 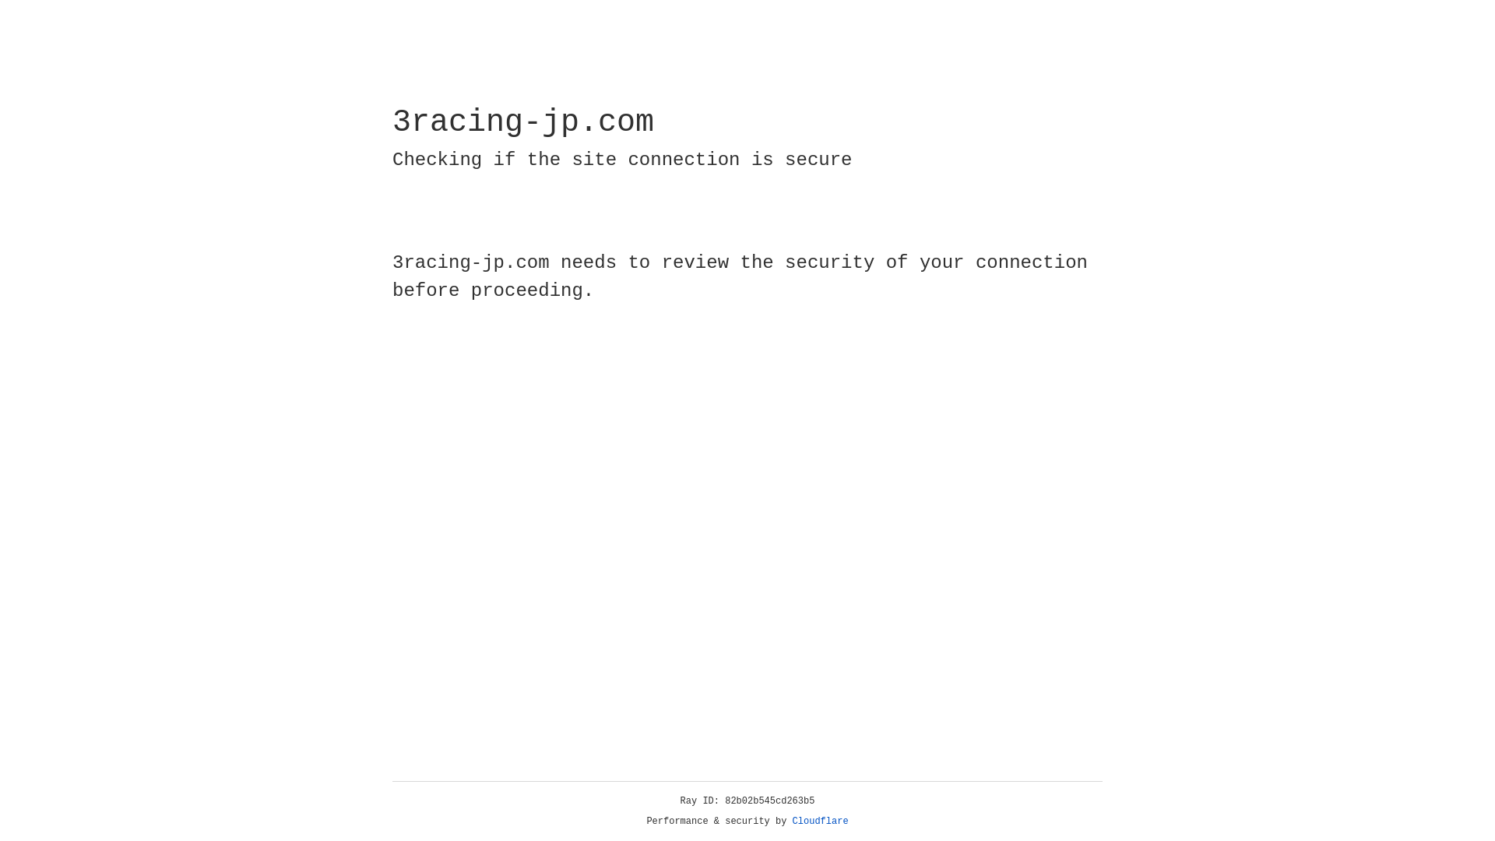 I want to click on 'Cloudflare', so click(x=820, y=821).